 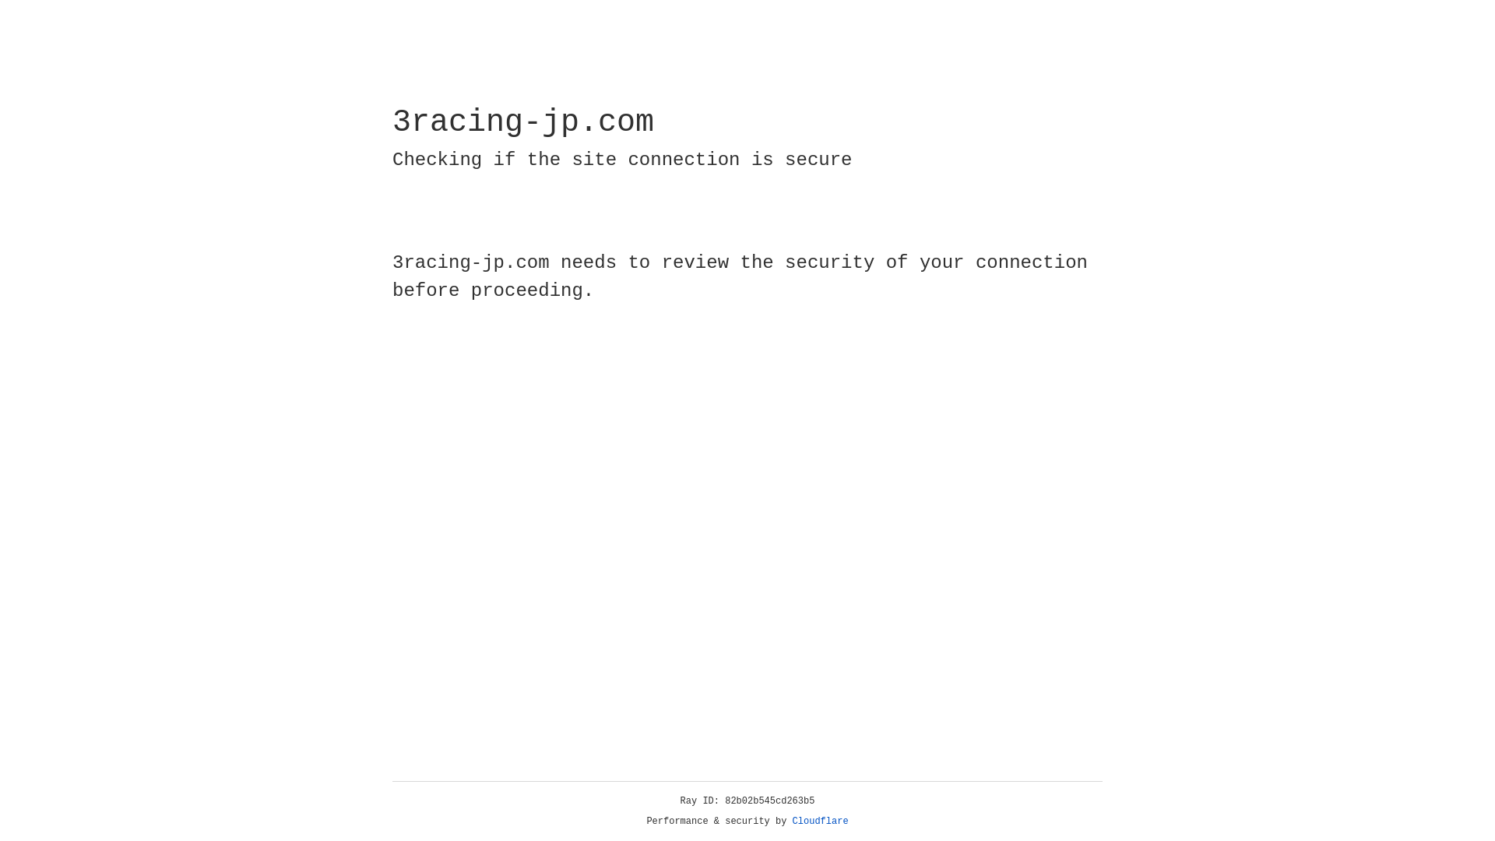 I want to click on 'Cloudflare', so click(x=820, y=821).